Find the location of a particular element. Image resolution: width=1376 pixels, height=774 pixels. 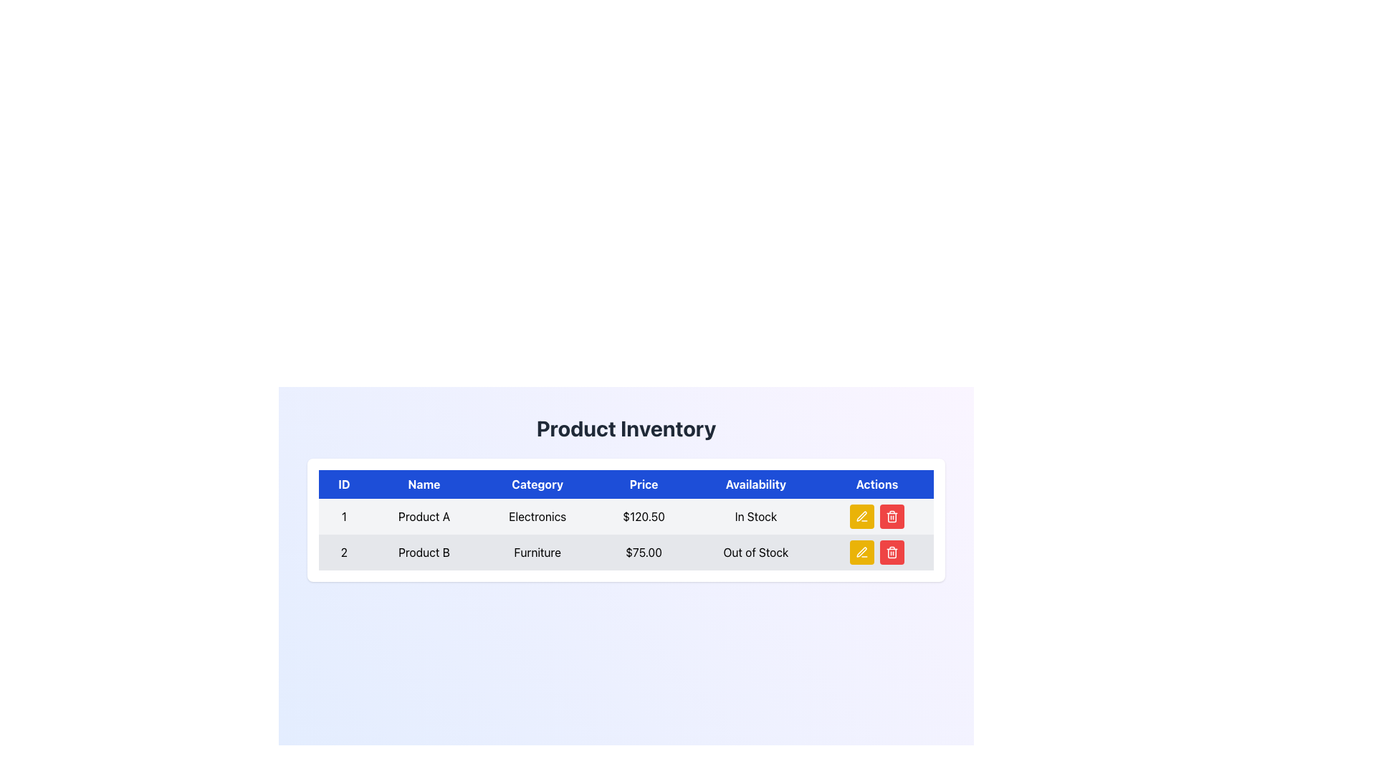

the static text label displaying the category of Product B, located under the 'Category' column in the second row of the table is located at coordinates (537, 552).